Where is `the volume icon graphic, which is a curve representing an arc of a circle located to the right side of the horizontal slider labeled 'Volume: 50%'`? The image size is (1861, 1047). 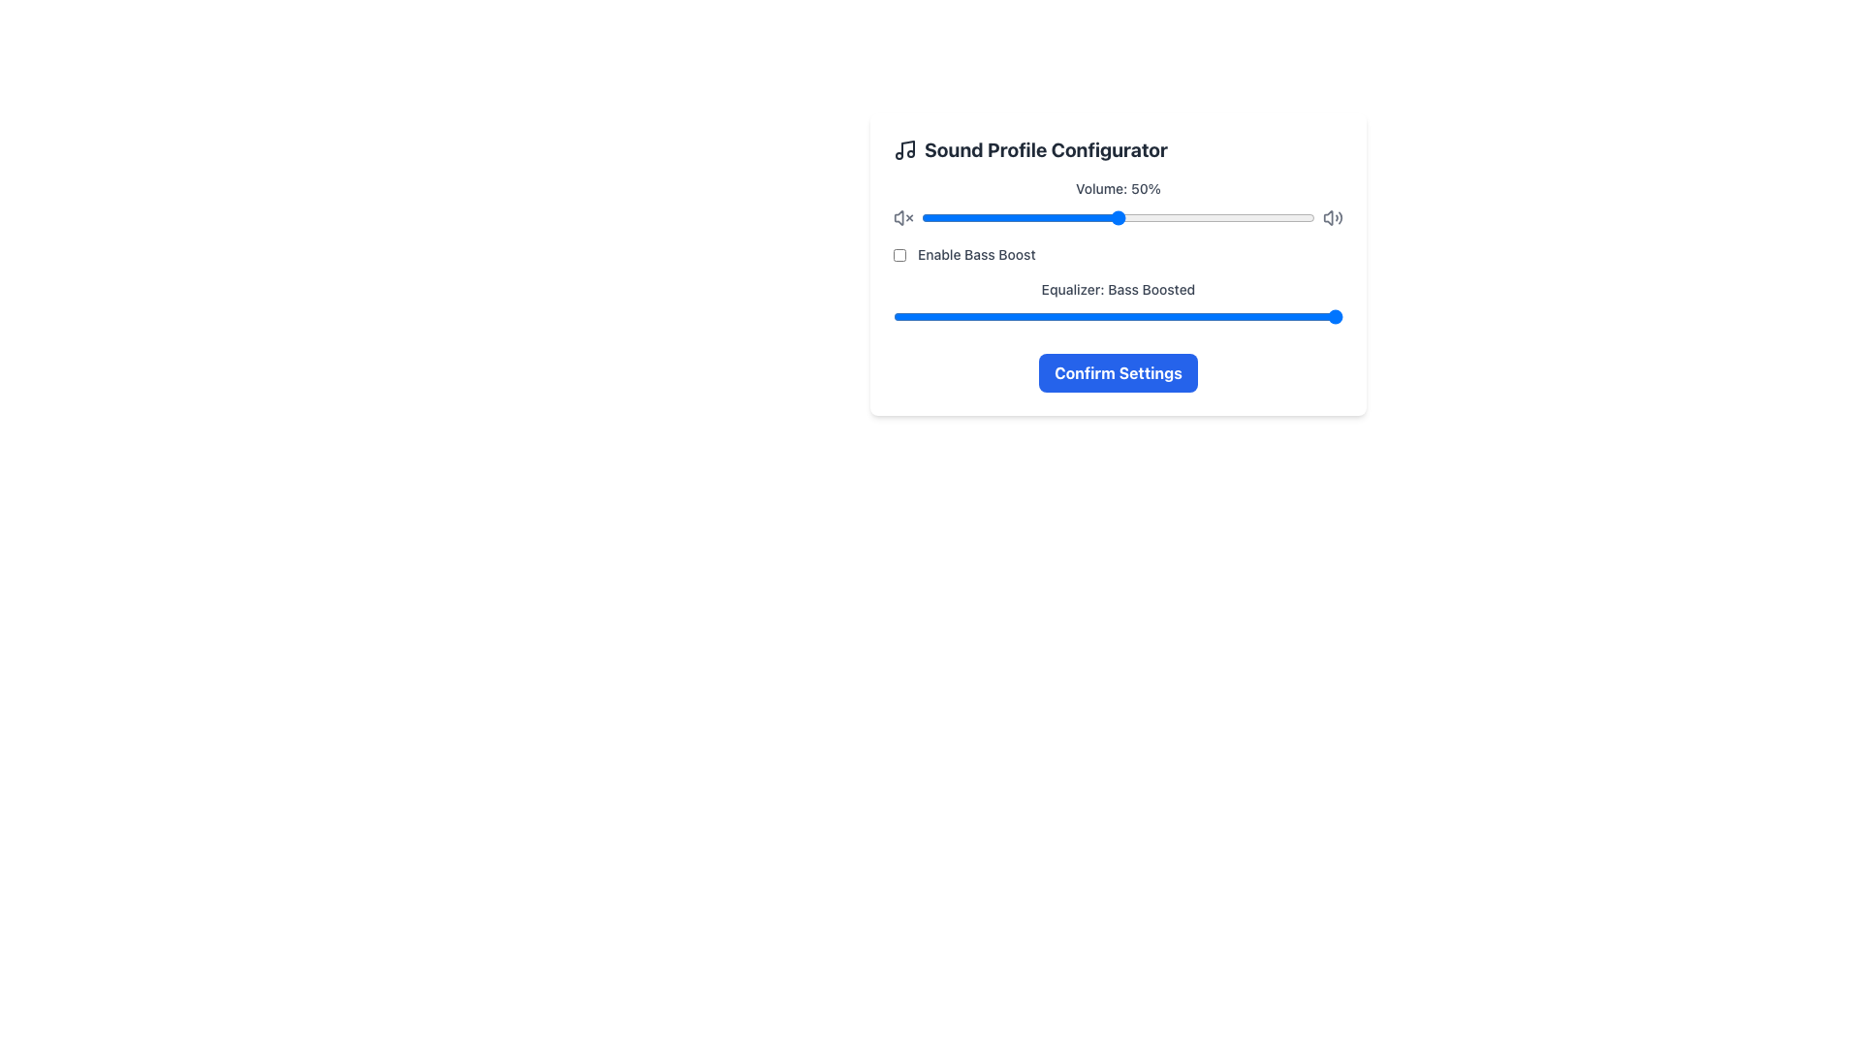 the volume icon graphic, which is a curve representing an arc of a circle located to the right side of the horizontal slider labeled 'Volume: 50%' is located at coordinates (1340, 217).